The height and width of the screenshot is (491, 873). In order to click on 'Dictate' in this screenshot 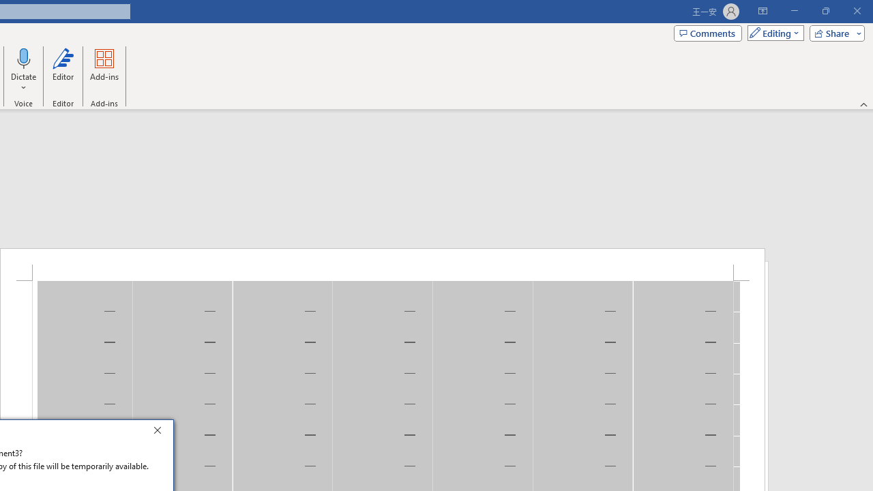, I will do `click(24, 57)`.